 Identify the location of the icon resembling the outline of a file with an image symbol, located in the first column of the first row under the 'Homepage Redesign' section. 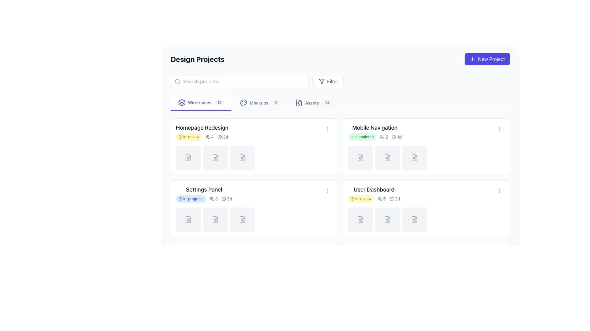
(215, 158).